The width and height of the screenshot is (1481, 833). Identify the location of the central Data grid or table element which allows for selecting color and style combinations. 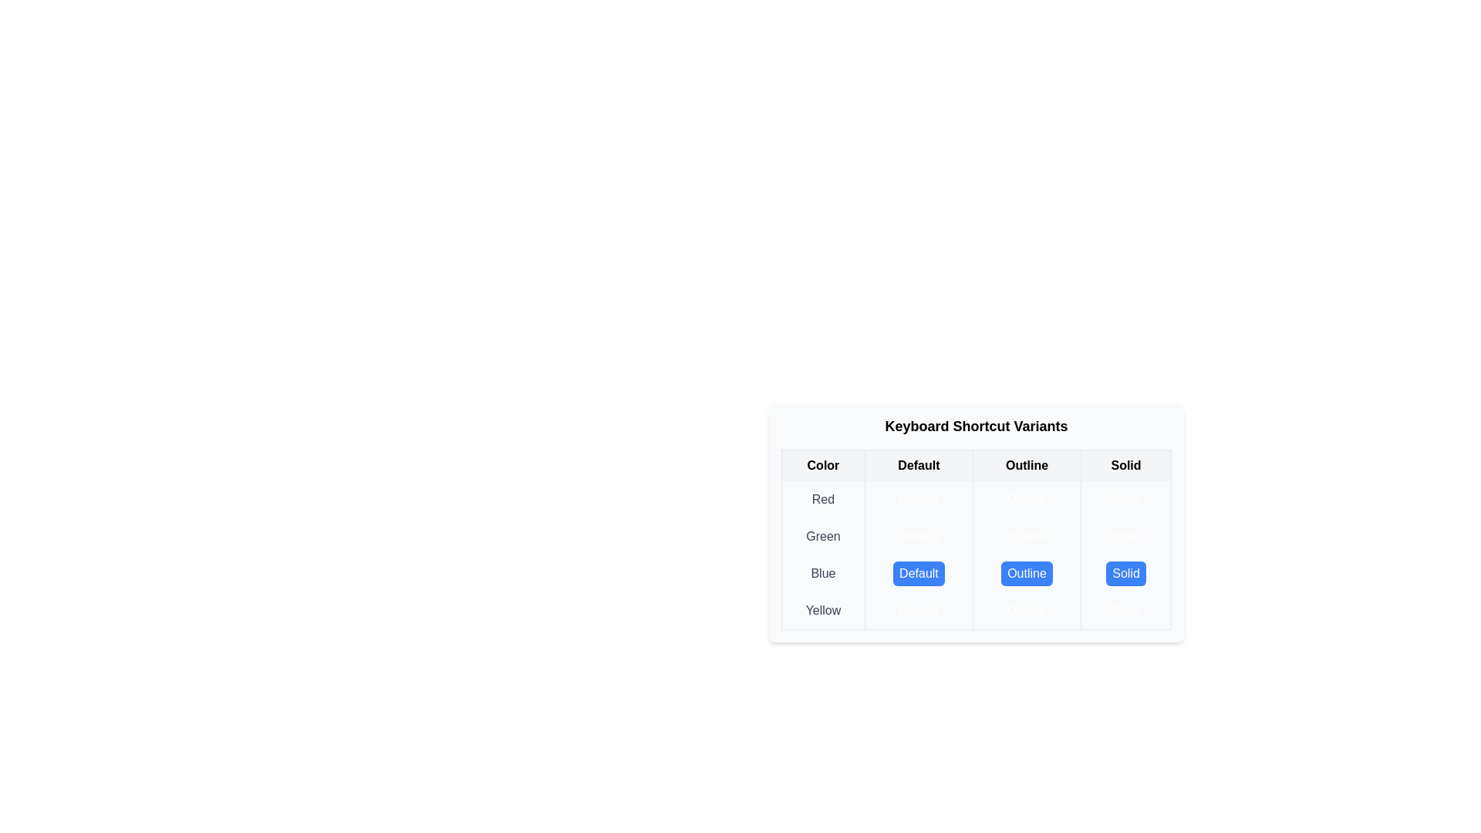
(976, 555).